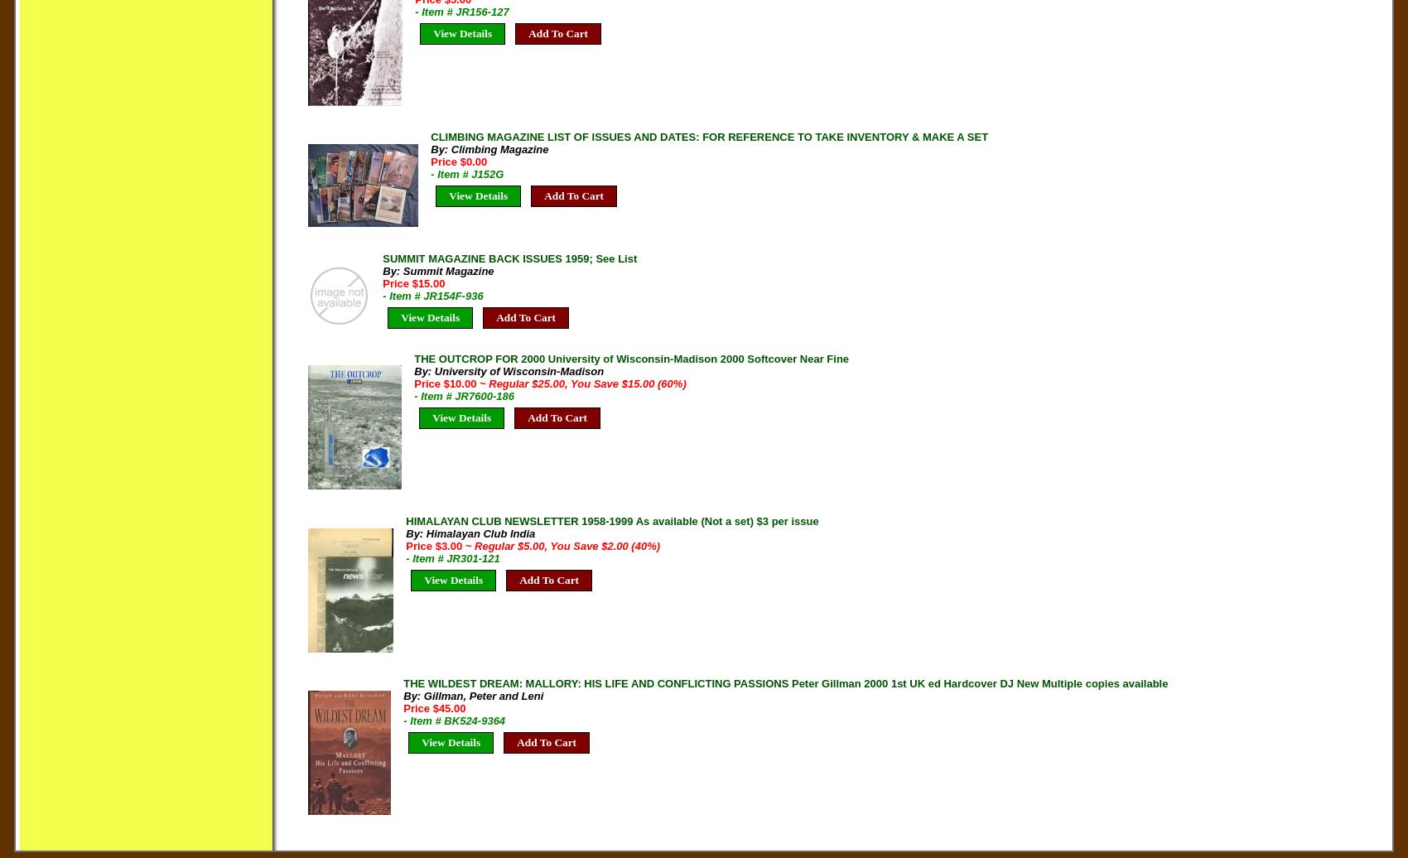 The height and width of the screenshot is (858, 1408). What do you see at coordinates (414, 12) in the screenshot?
I see `'- Item # JR156-127'` at bounding box center [414, 12].